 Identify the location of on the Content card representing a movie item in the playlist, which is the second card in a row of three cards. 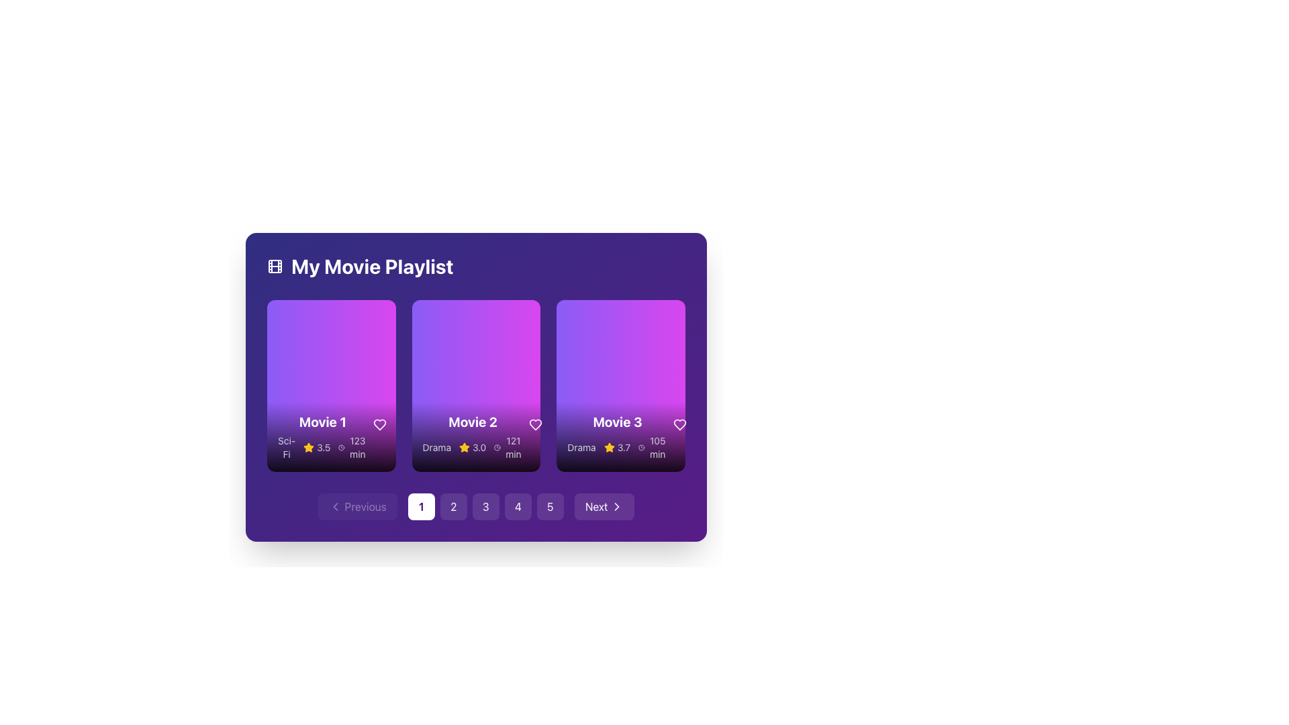
(476, 385).